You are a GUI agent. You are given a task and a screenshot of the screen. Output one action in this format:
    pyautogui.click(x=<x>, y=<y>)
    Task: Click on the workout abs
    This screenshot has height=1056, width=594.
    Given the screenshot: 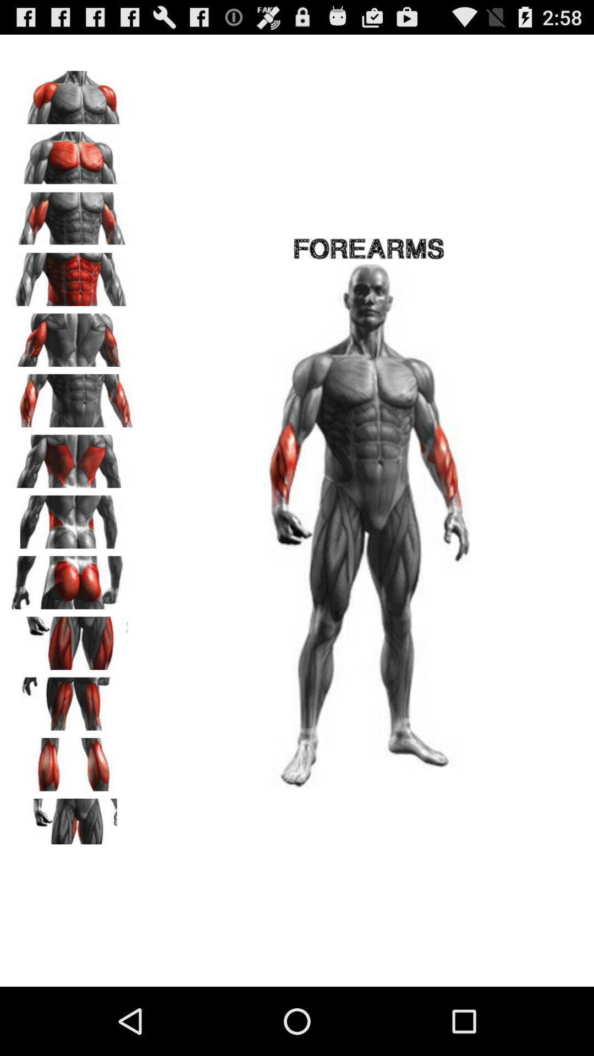 What is the action you would take?
    pyautogui.click(x=72, y=276)
    